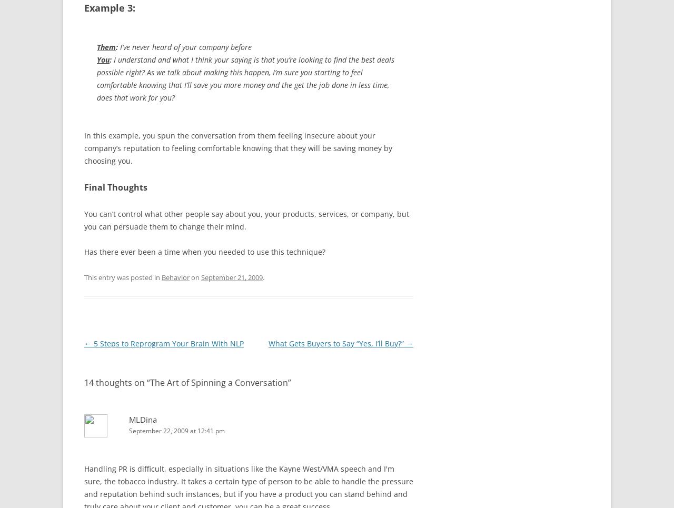  I want to click on 'The Art of Spinning a Conversation', so click(219, 383).